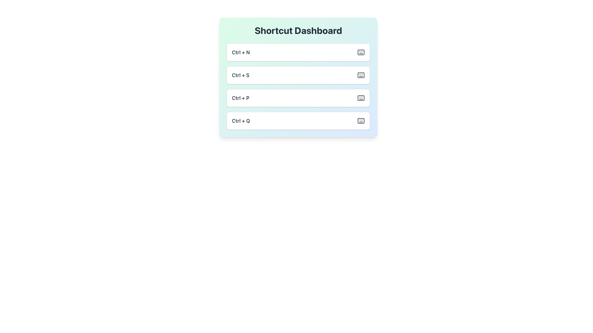 The image size is (593, 333). I want to click on the static text label displaying 'Ctrl + P' in bold, dark-gray font, located within the third card under the 'Shortcut Dashboard', so click(240, 97).